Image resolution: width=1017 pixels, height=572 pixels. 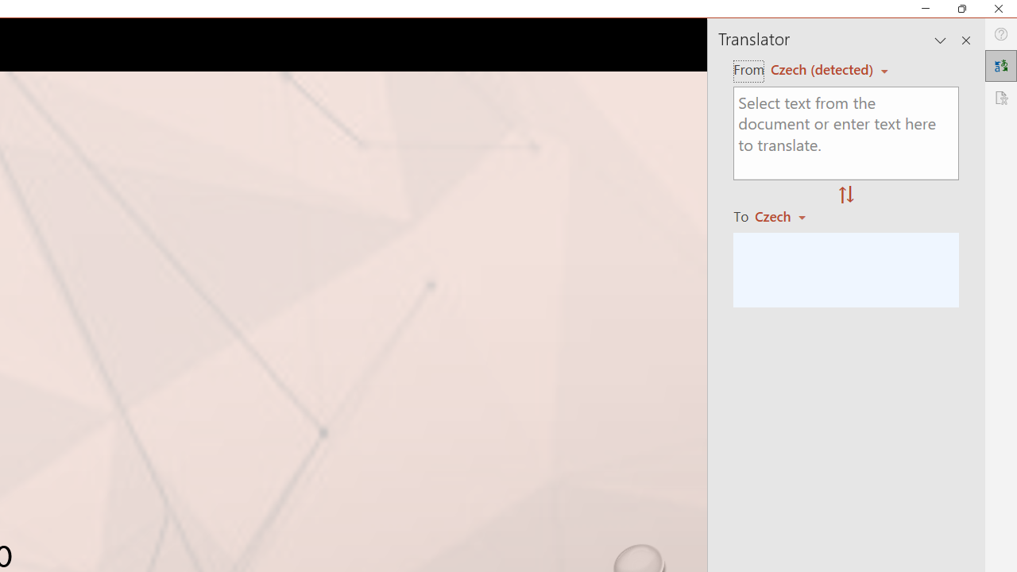 I want to click on 'Czech (detected)', so click(x=824, y=68).